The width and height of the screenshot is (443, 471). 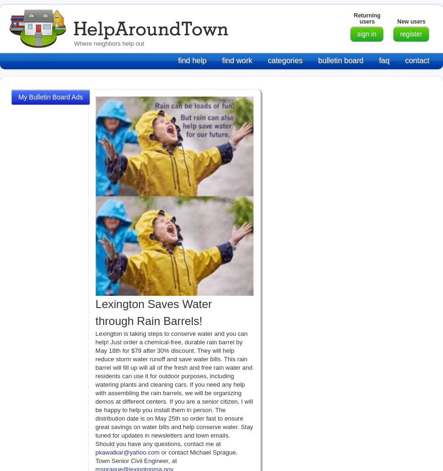 What do you see at coordinates (340, 60) in the screenshot?
I see `'bulletin board'` at bounding box center [340, 60].